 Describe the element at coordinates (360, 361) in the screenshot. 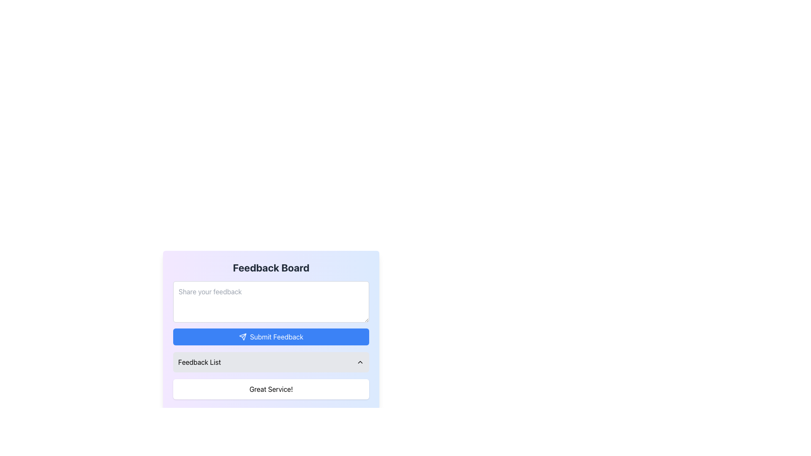

I see `the upward-pointing chevron icon located on the right-hand side of the 'Feedback List' section for additional feedback` at that location.